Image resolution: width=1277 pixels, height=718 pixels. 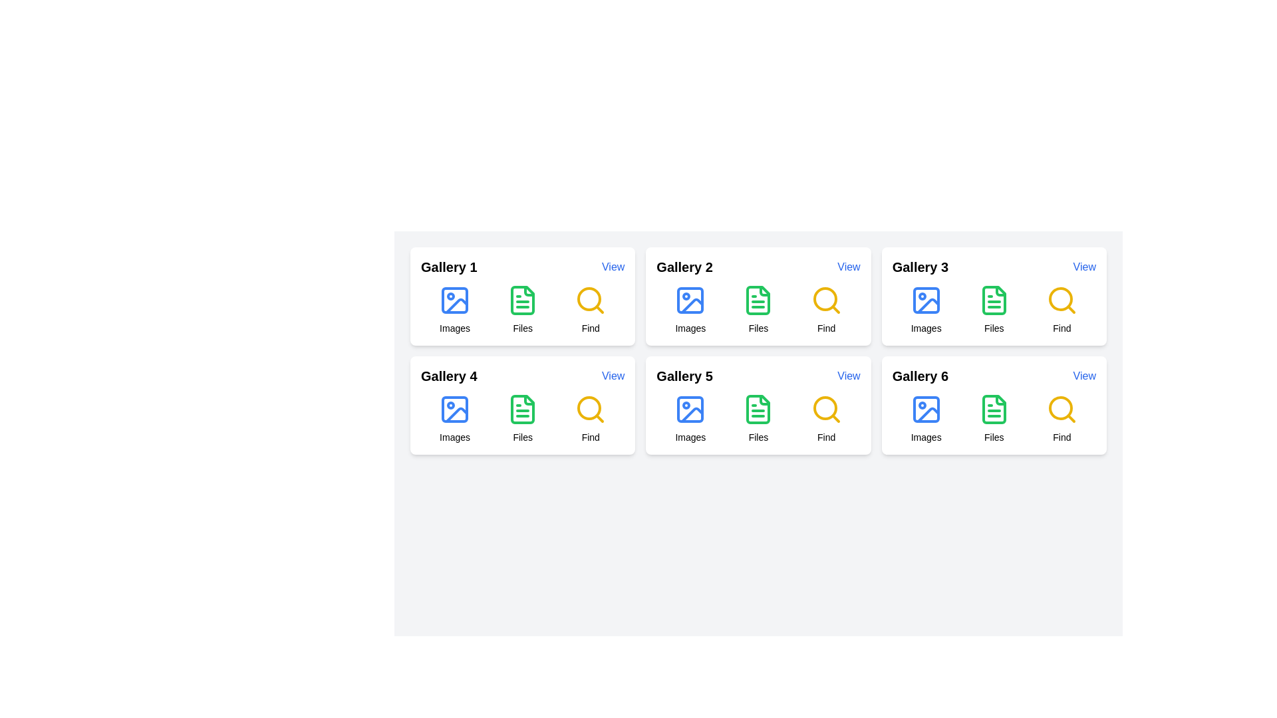 What do you see at coordinates (590, 328) in the screenshot?
I see `the 'Find' text label located at the bottom of the 'Gallery 2' section, below the yellow search icon, to interact with its associated functionality` at bounding box center [590, 328].